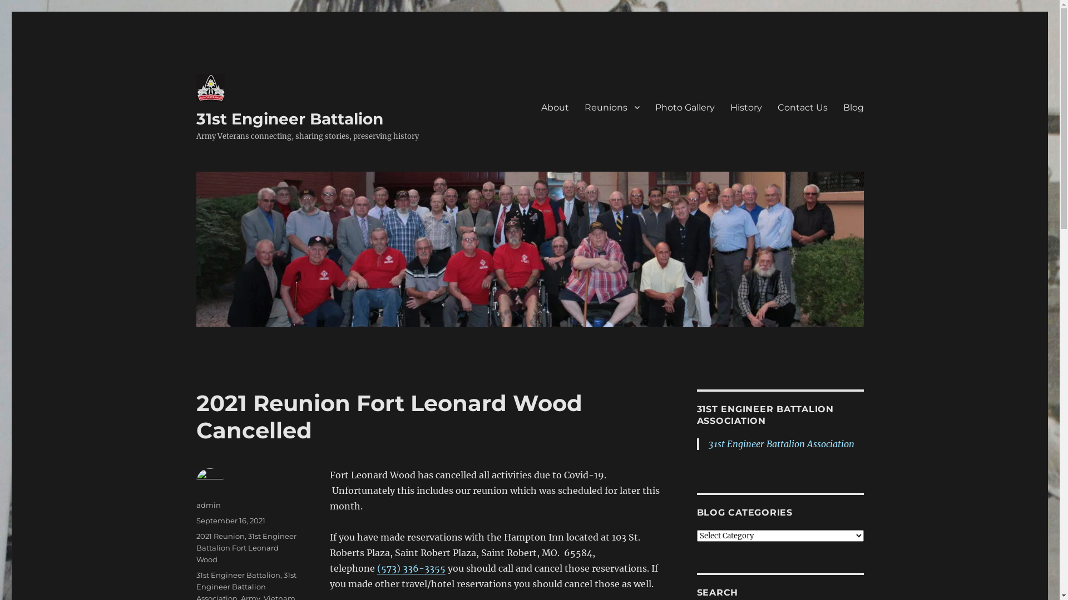 Image resolution: width=1068 pixels, height=600 pixels. Describe the element at coordinates (229, 521) in the screenshot. I see `'September 16, 2021'` at that location.